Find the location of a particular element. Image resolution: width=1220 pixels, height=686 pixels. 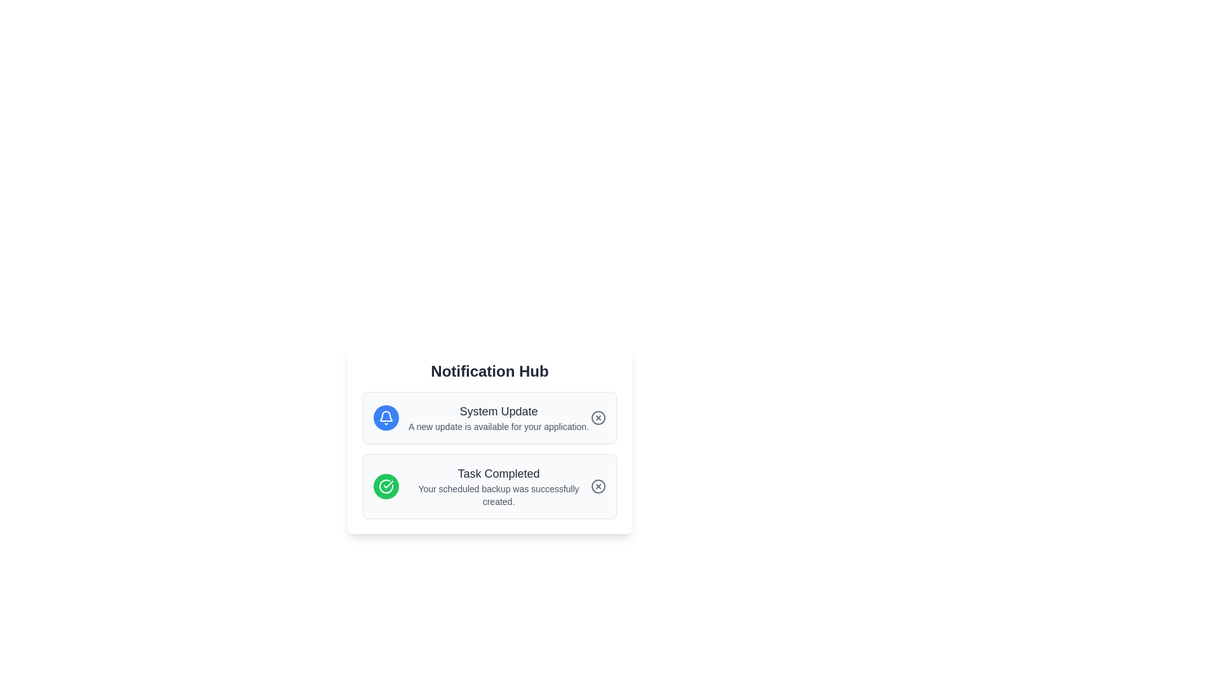

the text display element that shows the message 'A new update is available for your application.' located below the title 'System Update' in the notification card is located at coordinates (498, 426).